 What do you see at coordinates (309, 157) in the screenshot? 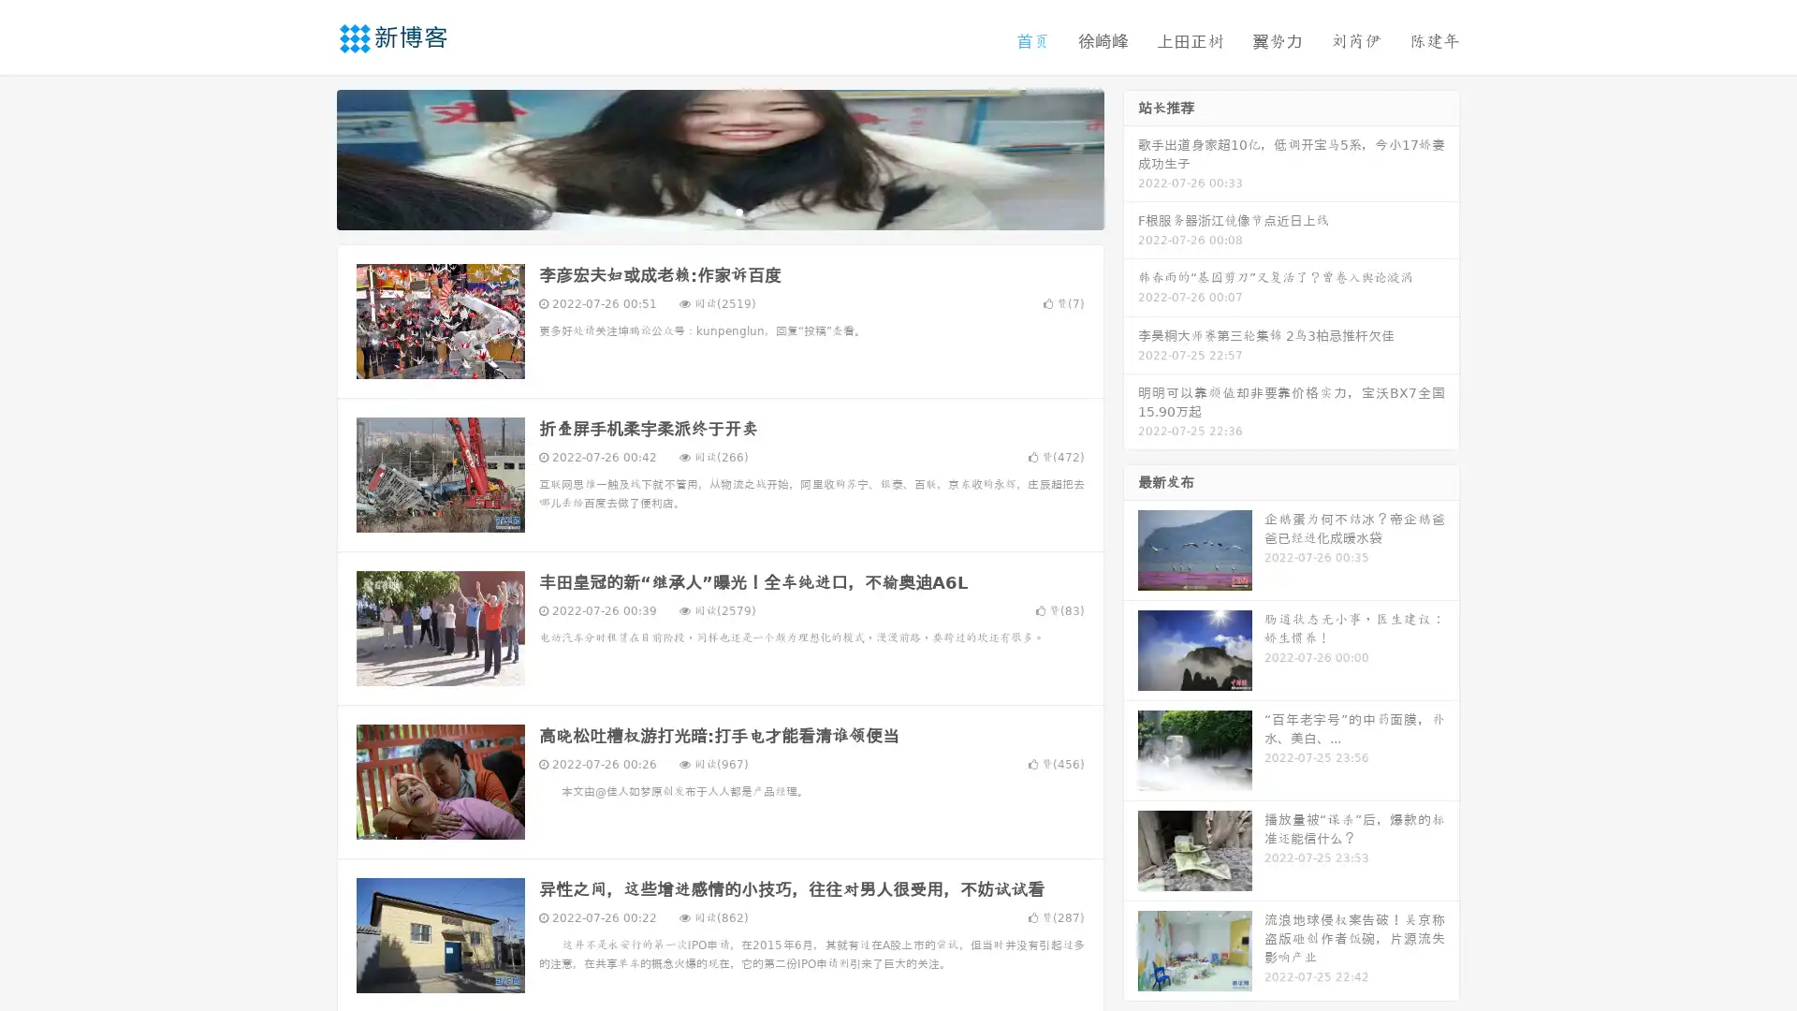
I see `Previous slide` at bounding box center [309, 157].